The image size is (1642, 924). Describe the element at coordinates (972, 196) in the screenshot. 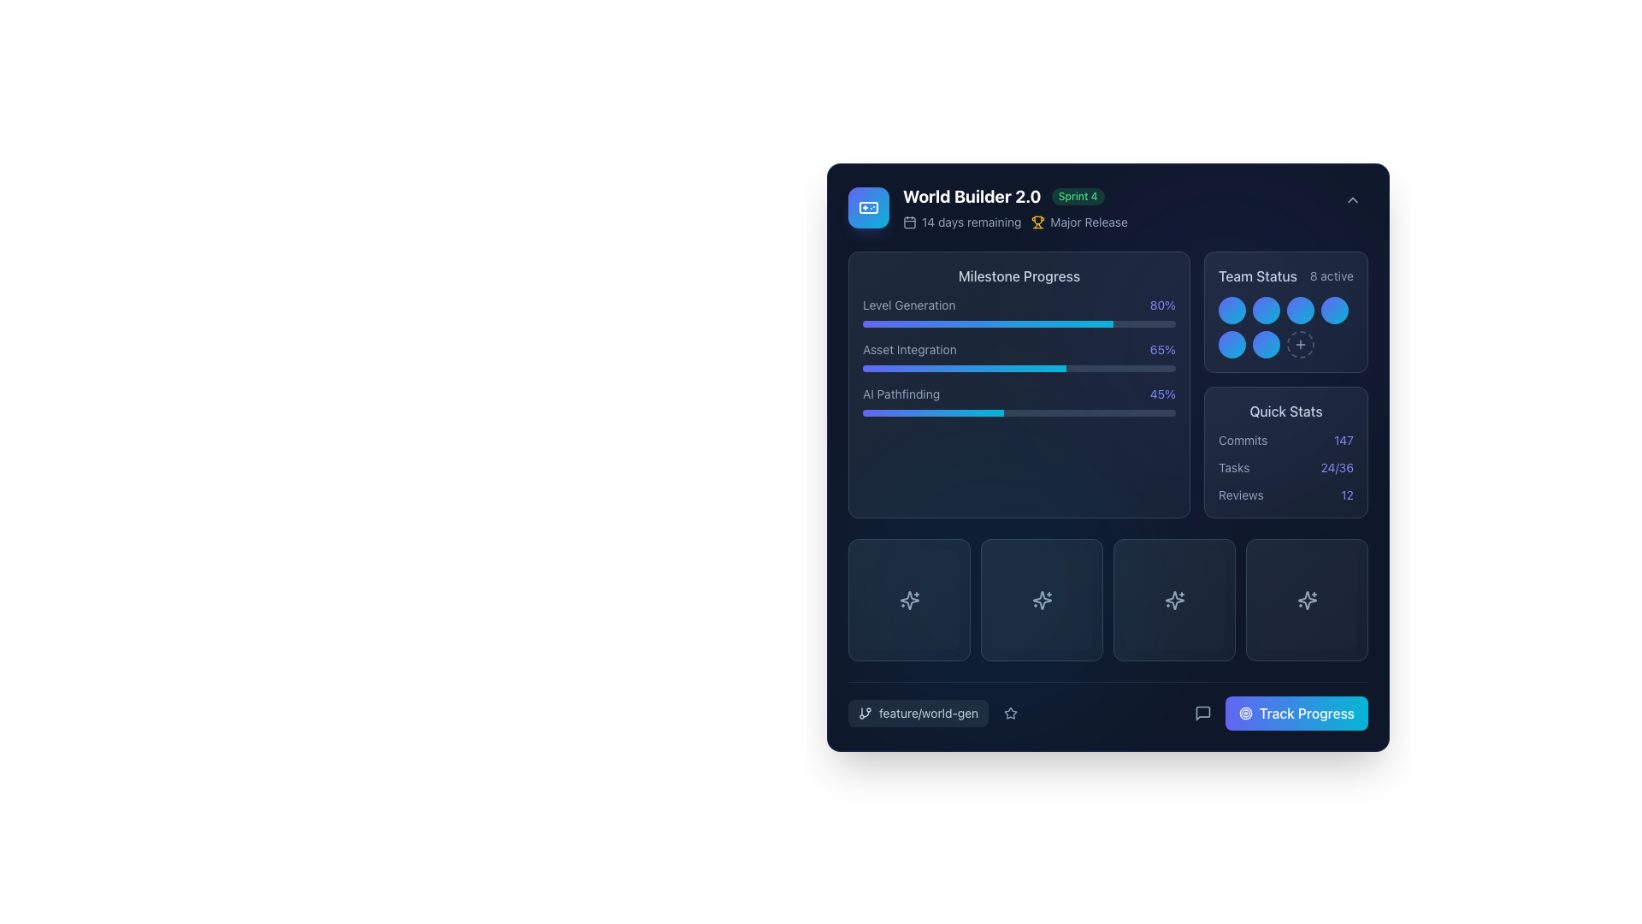

I see `the text label displaying 'World Builder 2.0' which is styled in bold white font against a dark background, positioned at the top-left of the interface before 'Sprint 4'` at that location.